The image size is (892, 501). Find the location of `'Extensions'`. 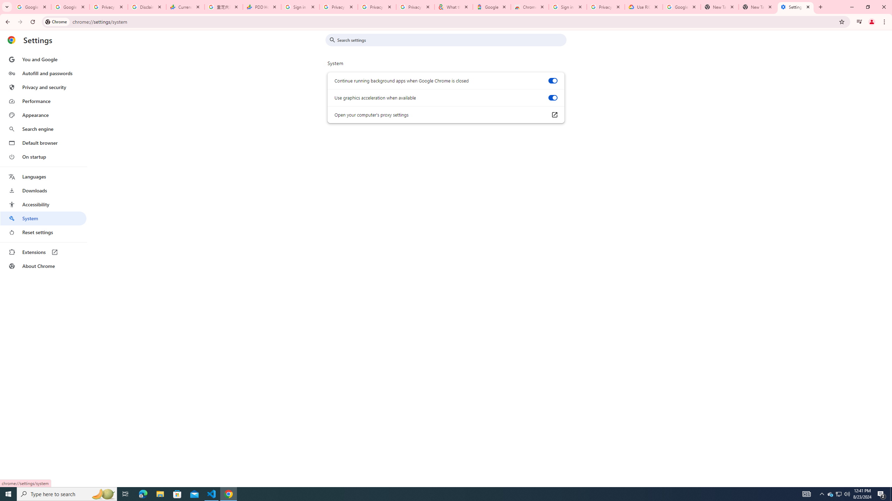

'Extensions' is located at coordinates (43, 252).